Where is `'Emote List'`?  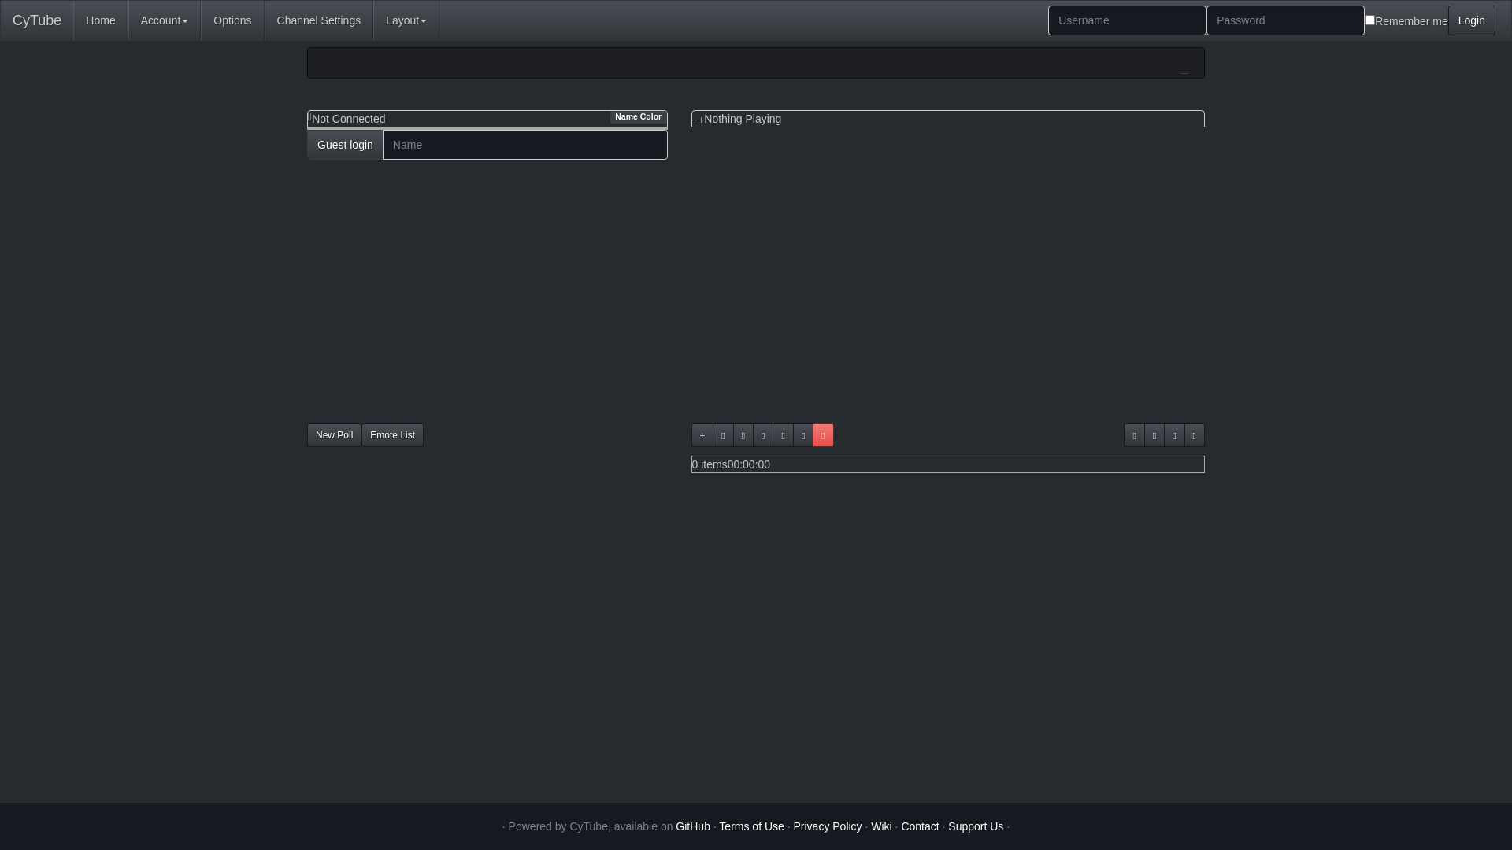
'Emote List' is located at coordinates (361, 434).